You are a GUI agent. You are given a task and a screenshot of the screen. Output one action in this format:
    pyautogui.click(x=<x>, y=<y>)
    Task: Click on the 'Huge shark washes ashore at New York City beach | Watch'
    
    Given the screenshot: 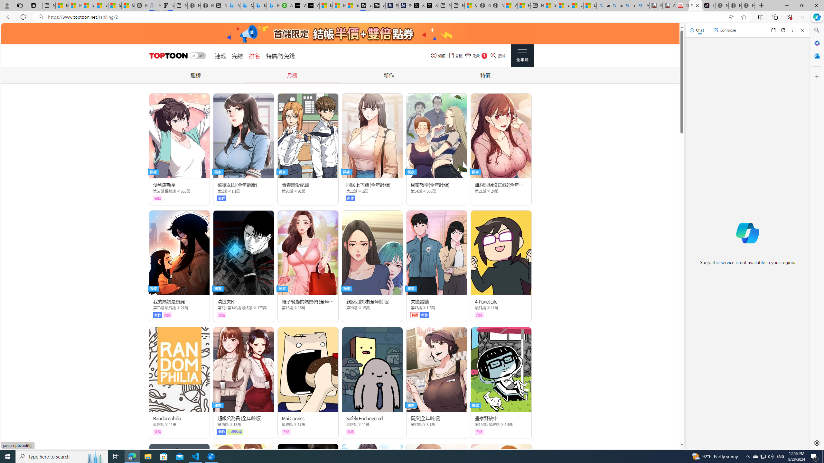 What is the action you would take?
    pyautogui.click(x=524, y=5)
    